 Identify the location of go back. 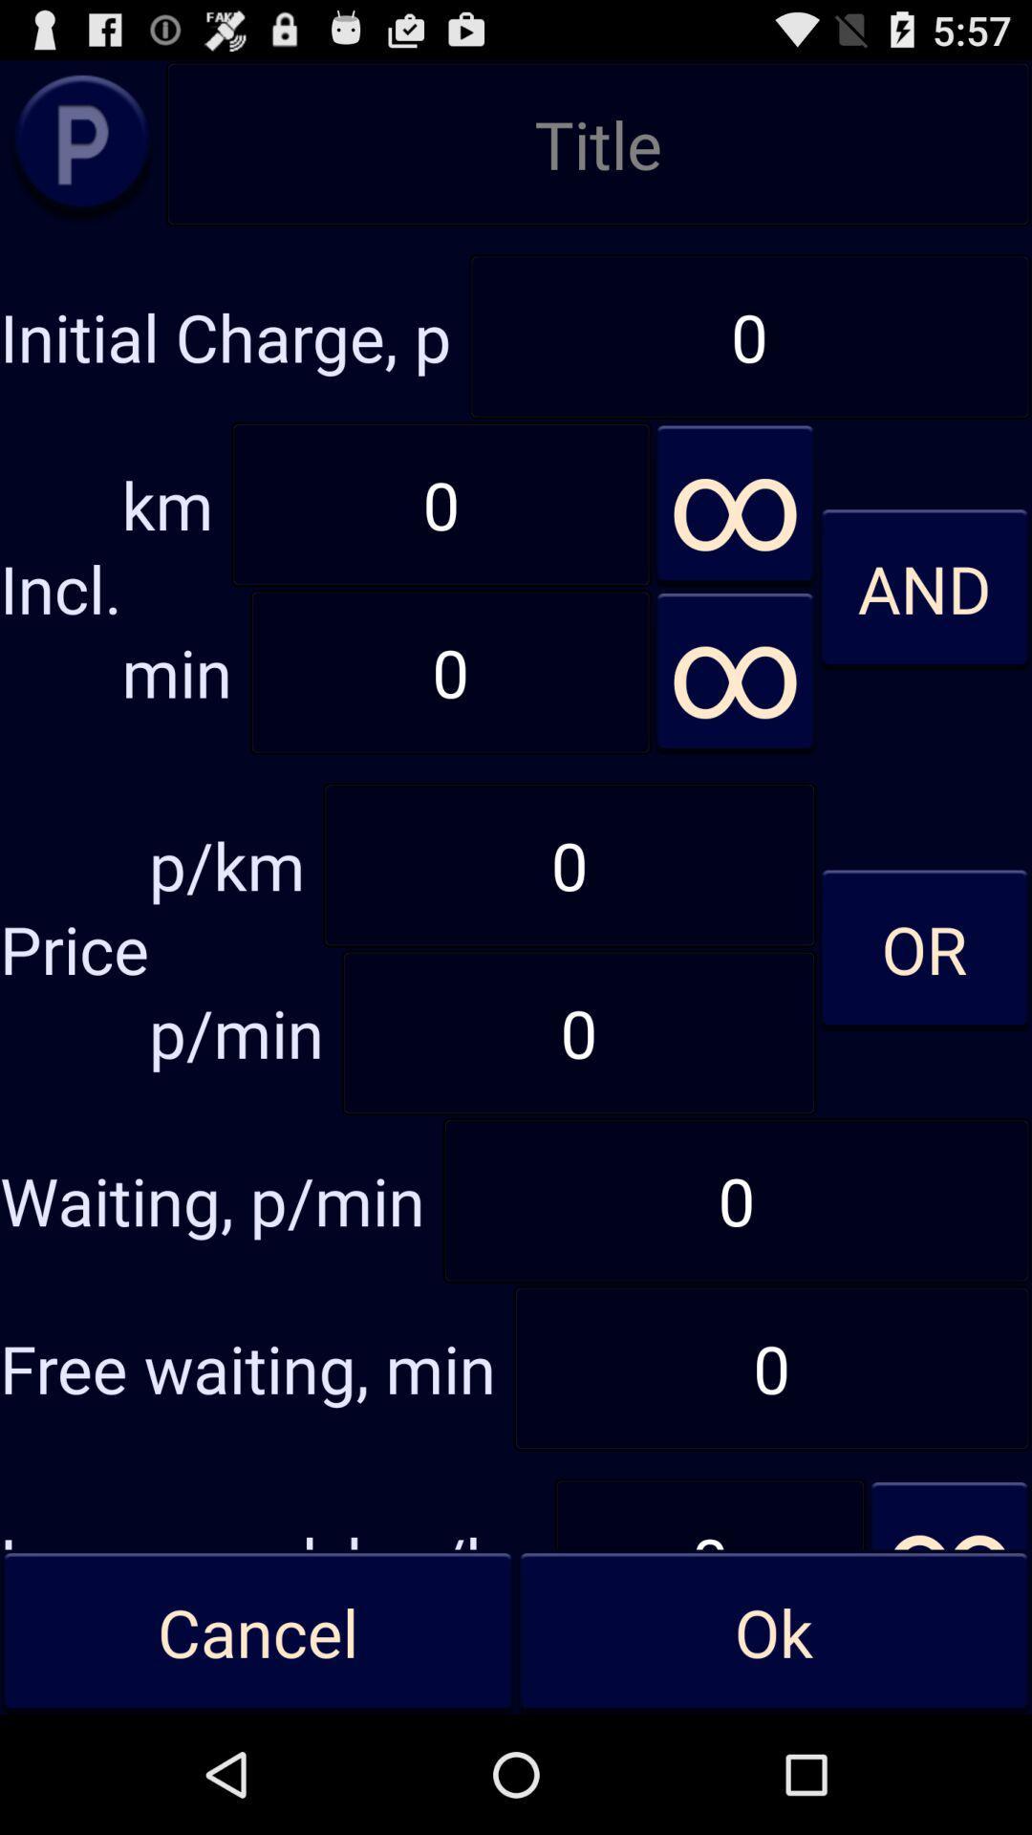
(81, 142).